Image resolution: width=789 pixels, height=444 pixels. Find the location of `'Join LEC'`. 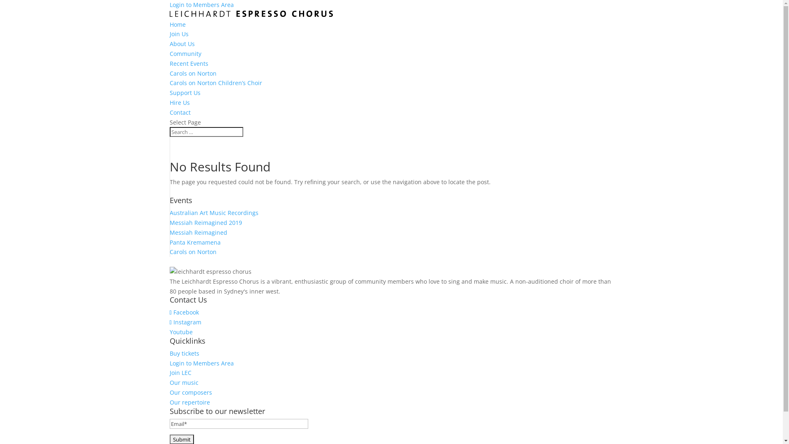

'Join LEC' is located at coordinates (180, 372).